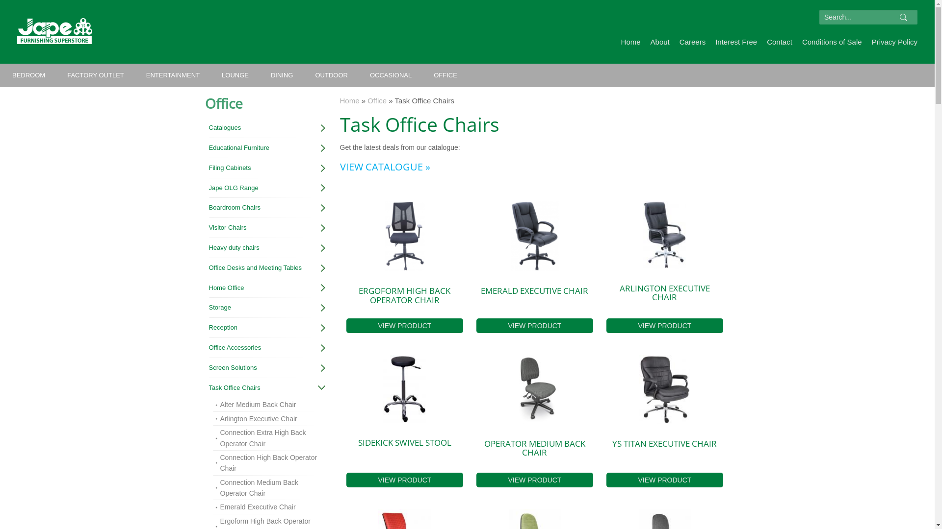 Image resolution: width=942 pixels, height=529 pixels. What do you see at coordinates (357, 442) in the screenshot?
I see `'SIDEKICK SWIVEL STOOL'` at bounding box center [357, 442].